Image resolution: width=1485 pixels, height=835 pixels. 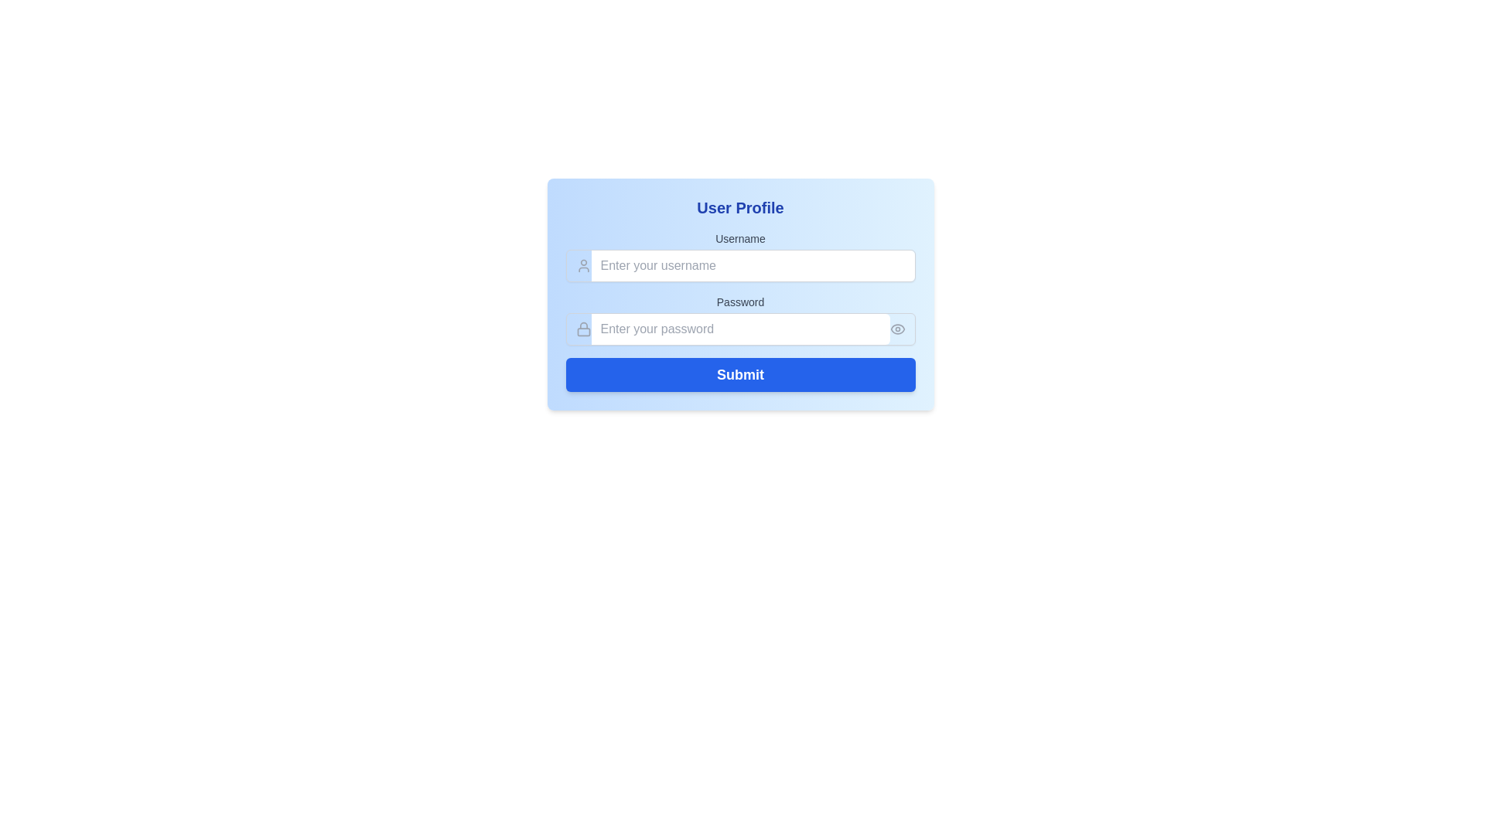 What do you see at coordinates (578, 328) in the screenshot?
I see `the lock icon with a gray outline located to the left of the password input field` at bounding box center [578, 328].